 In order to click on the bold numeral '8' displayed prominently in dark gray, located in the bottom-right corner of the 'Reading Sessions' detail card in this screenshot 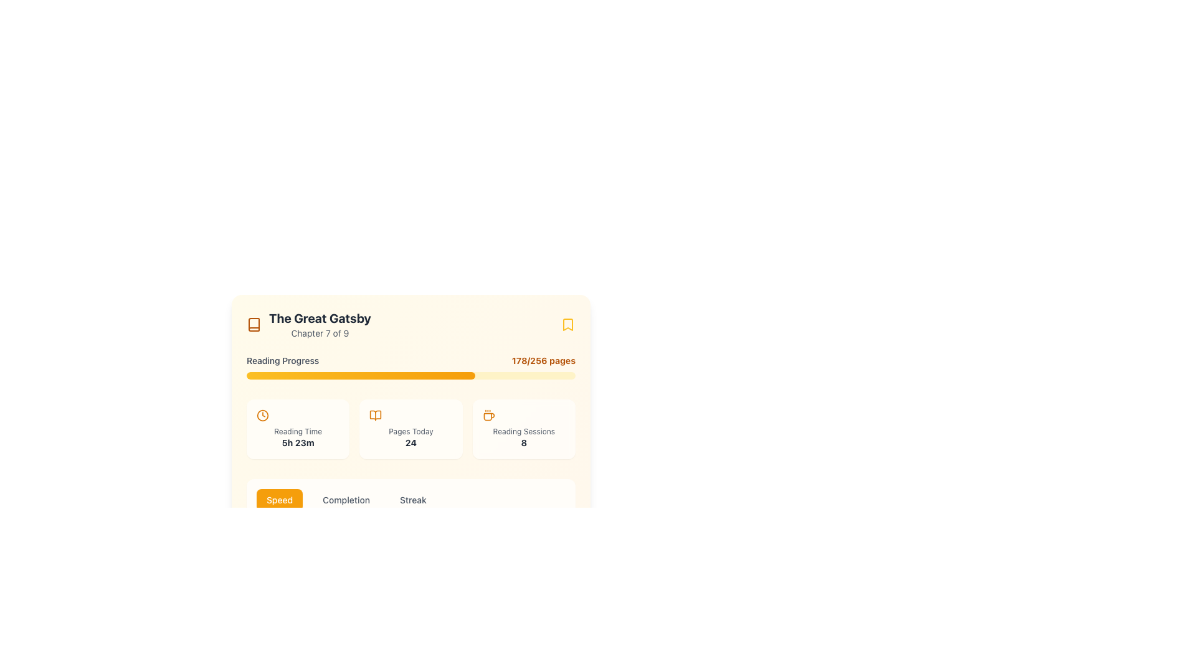, I will do `click(524, 442)`.